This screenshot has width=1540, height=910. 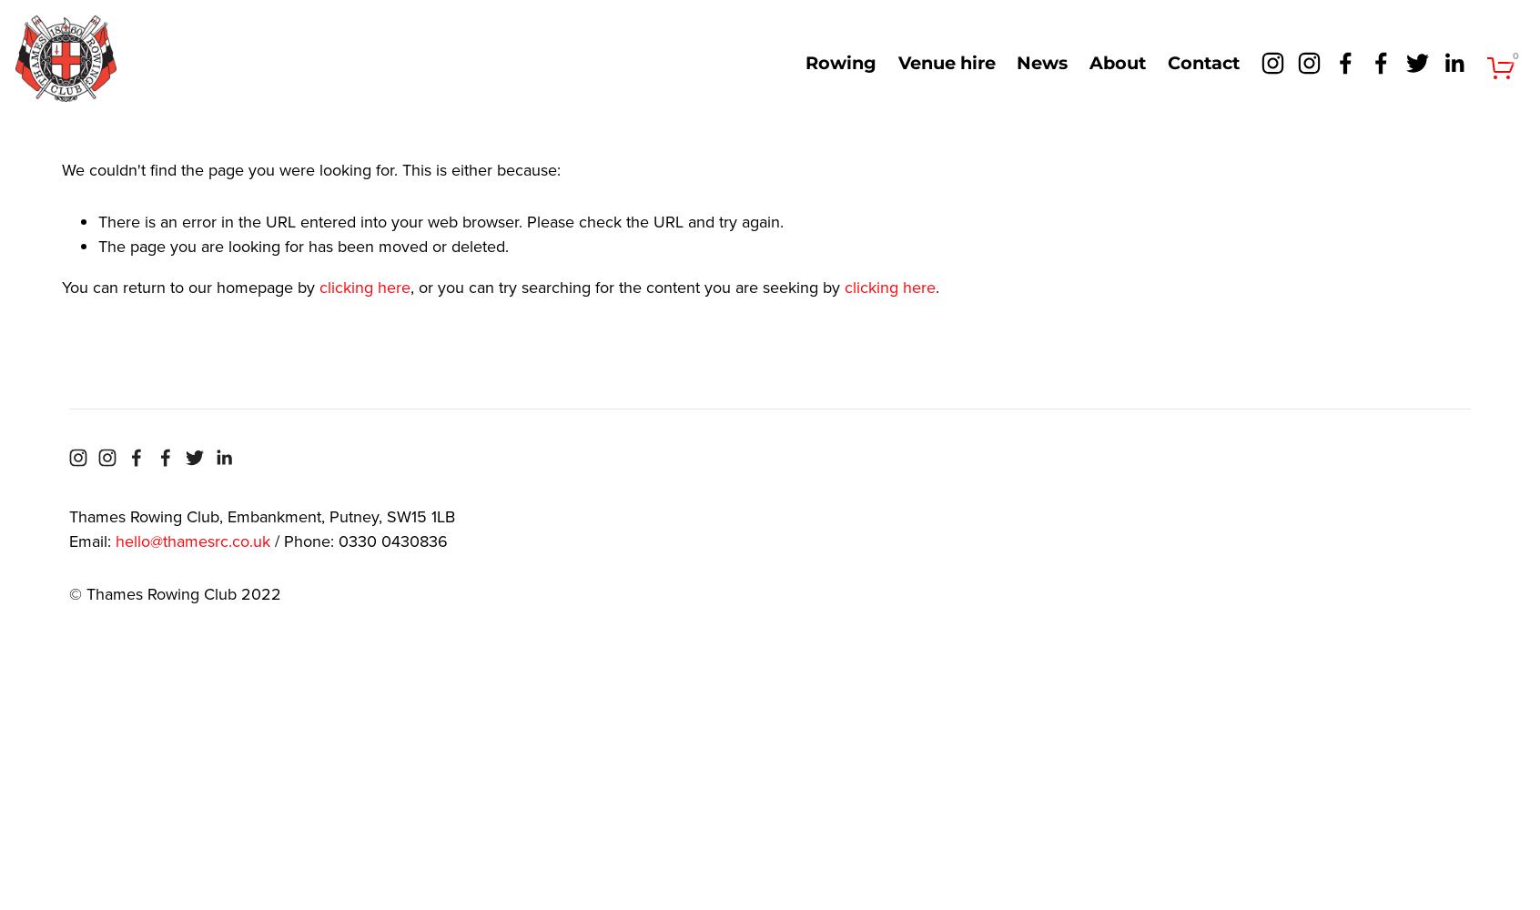 I want to click on 'Contact', so click(x=1201, y=62).